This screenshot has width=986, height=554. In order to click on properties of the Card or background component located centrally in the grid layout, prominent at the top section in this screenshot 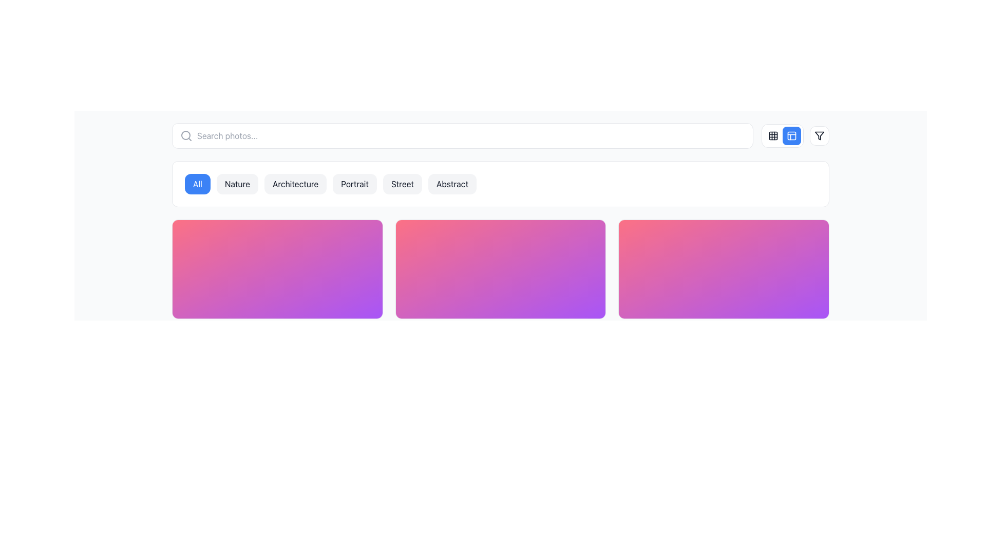, I will do `click(500, 268)`.